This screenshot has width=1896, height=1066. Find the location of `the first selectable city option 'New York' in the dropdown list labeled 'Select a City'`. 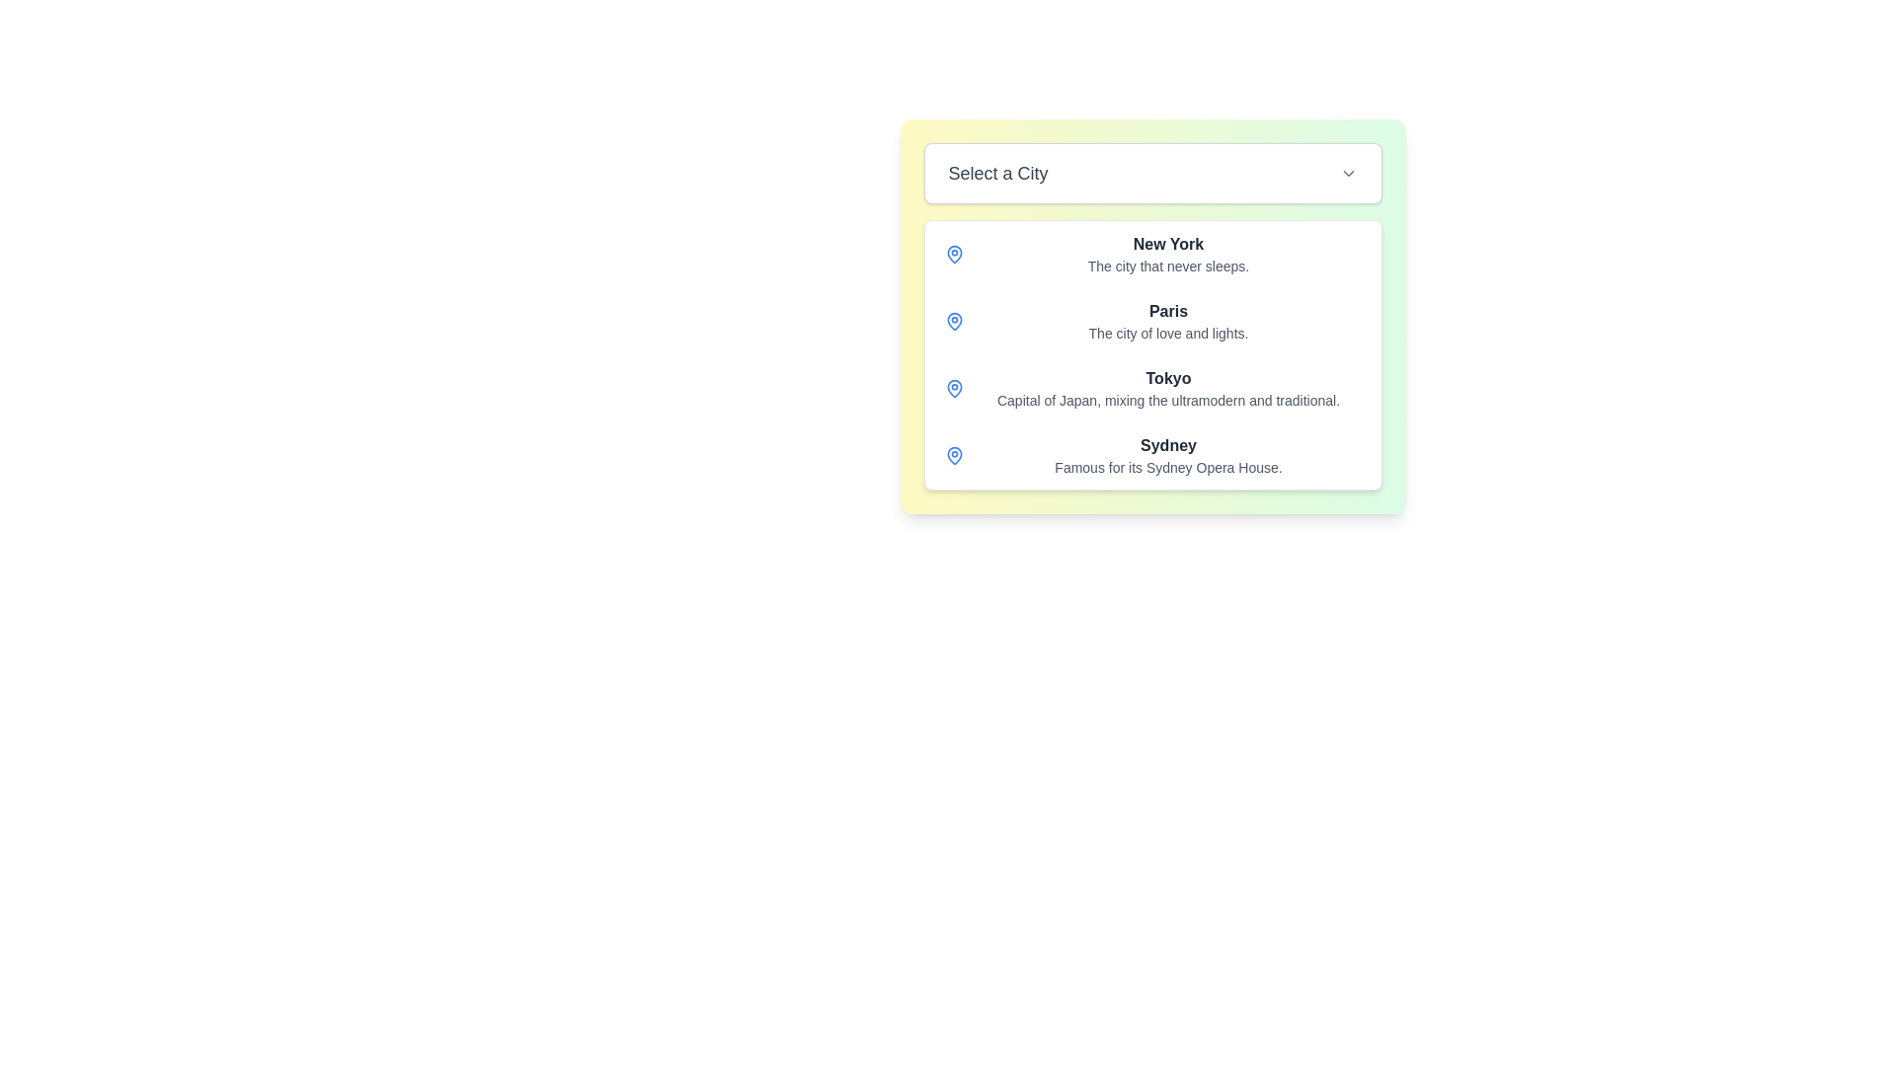

the first selectable city option 'New York' in the dropdown list labeled 'Select a City' is located at coordinates (1168, 254).